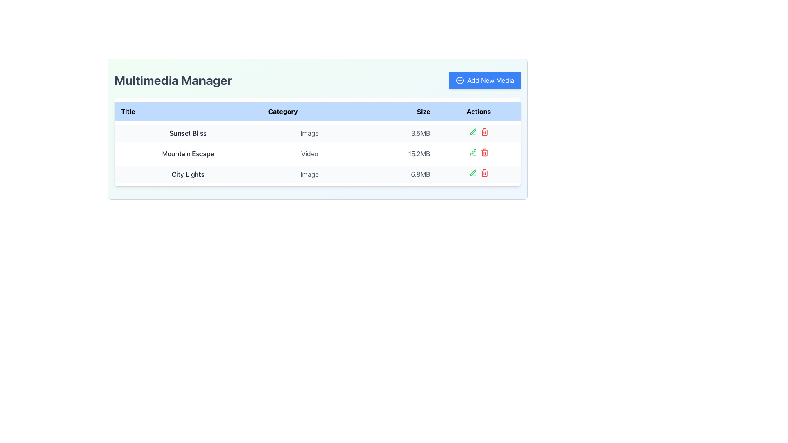 This screenshot has width=788, height=443. What do you see at coordinates (309, 132) in the screenshot?
I see `the label in the second column of the first row that describes the item 'Sunset Bliss', which is adjacent to '3.5MB'` at bounding box center [309, 132].